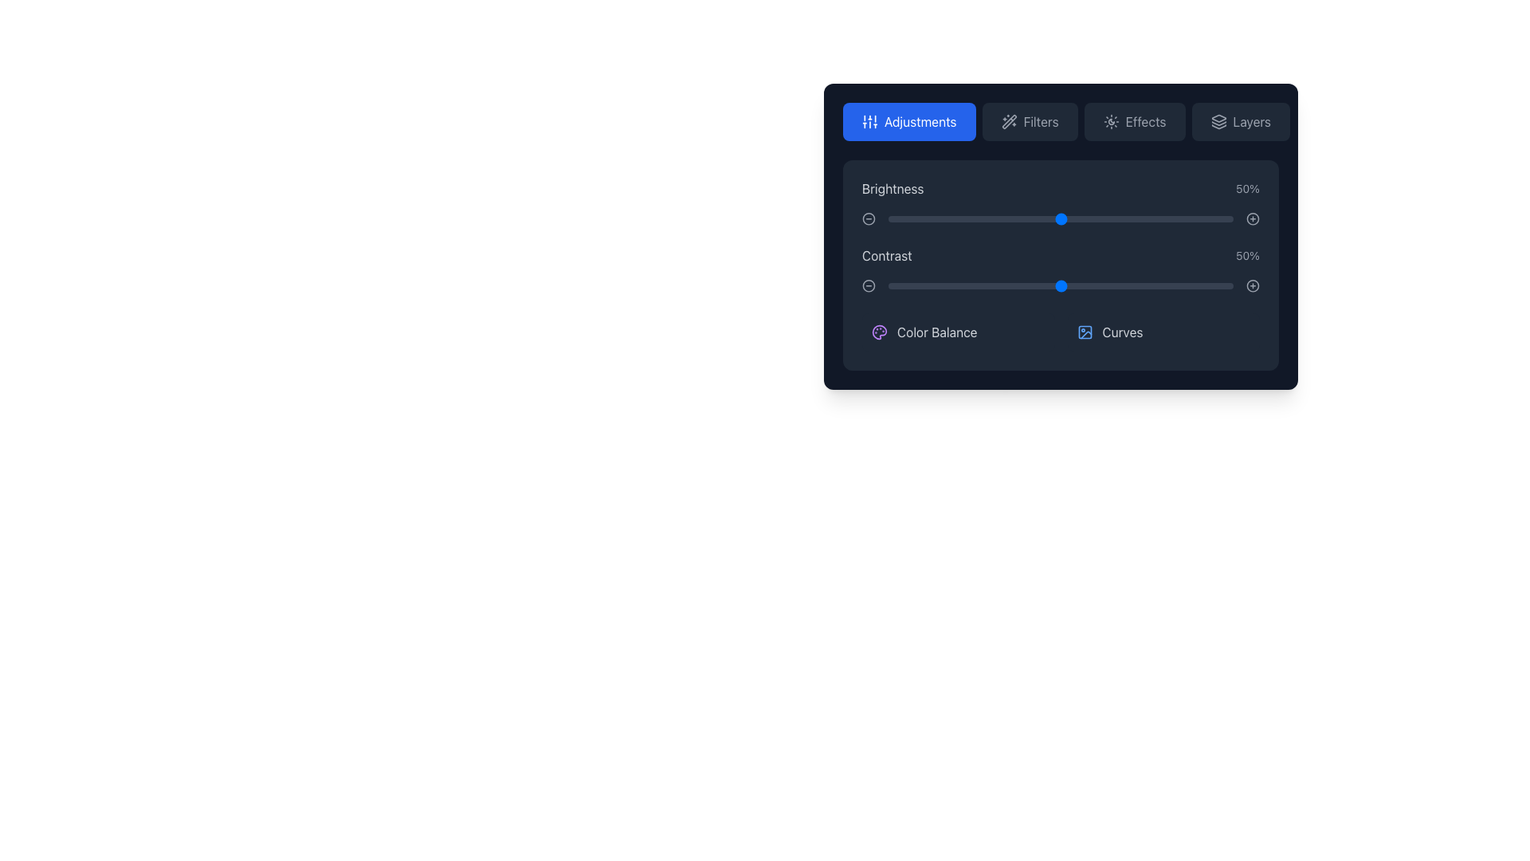  What do you see at coordinates (967, 285) in the screenshot?
I see `contrast` at bounding box center [967, 285].